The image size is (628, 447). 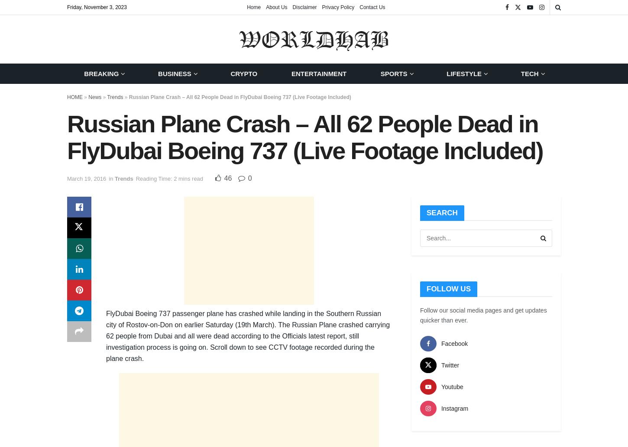 What do you see at coordinates (290, 73) in the screenshot?
I see `'Entertainment'` at bounding box center [290, 73].